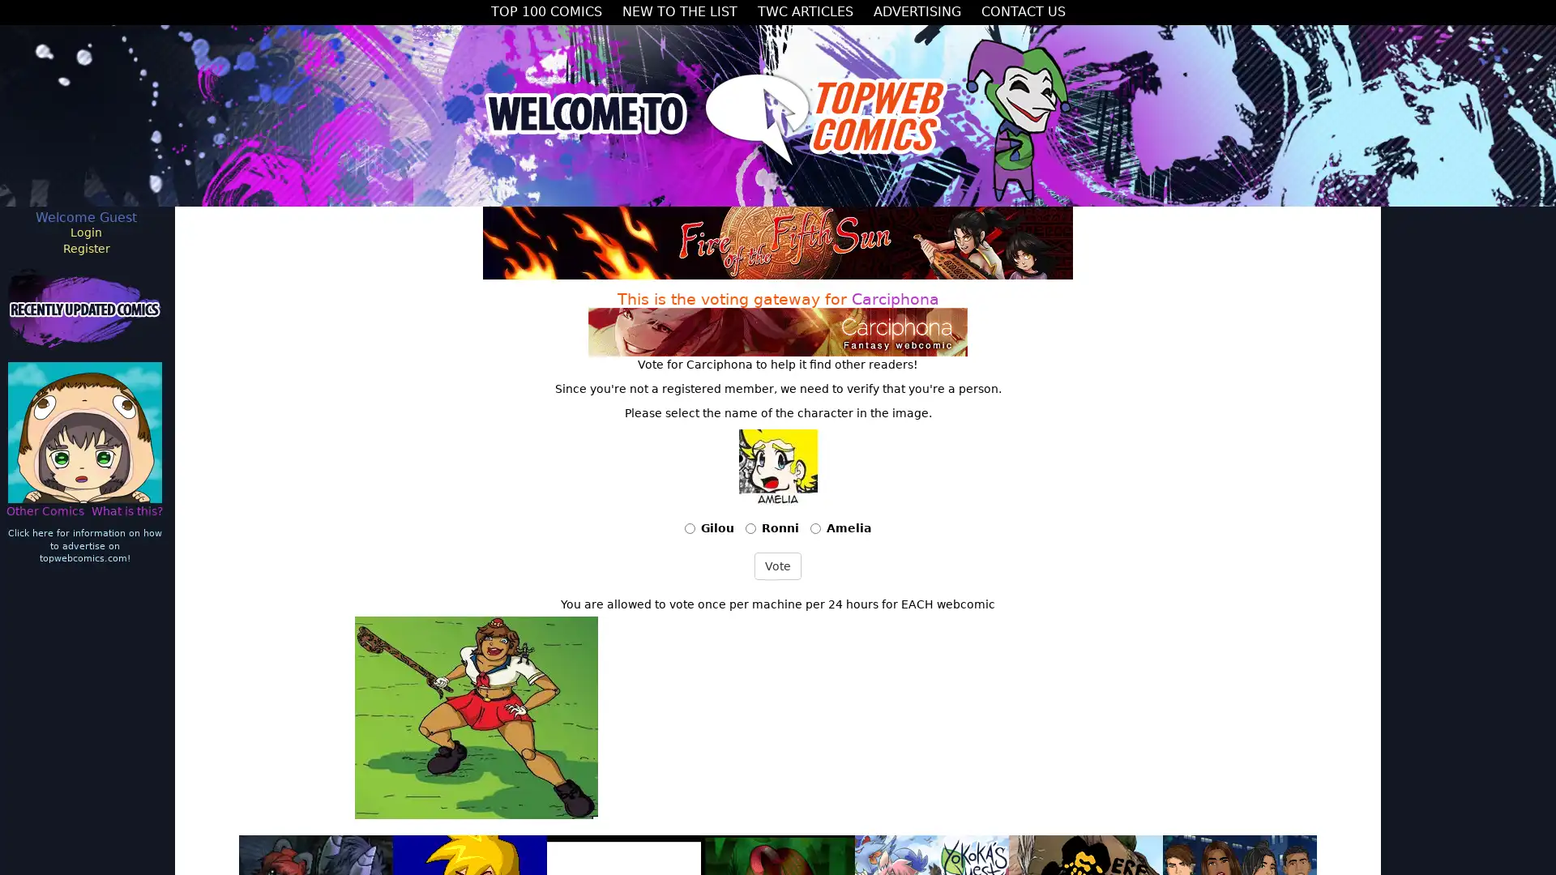  What do you see at coordinates (778, 565) in the screenshot?
I see `Vote` at bounding box center [778, 565].